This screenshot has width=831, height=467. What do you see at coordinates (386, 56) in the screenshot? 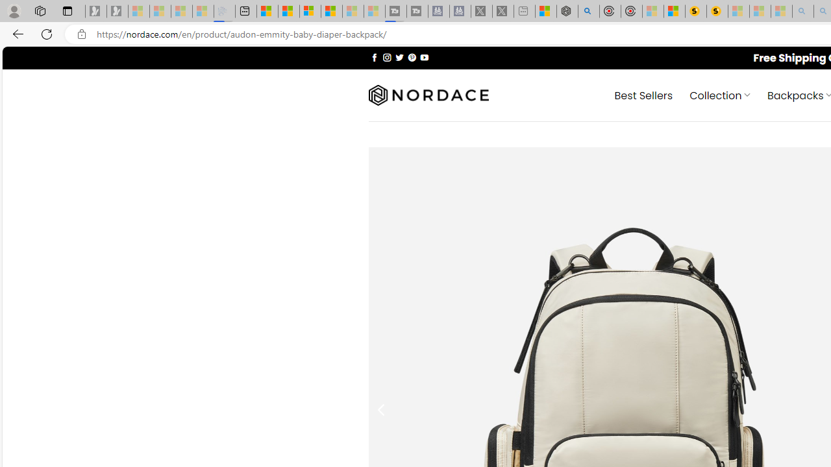
I see `'Follow on Instagram'` at bounding box center [386, 56].